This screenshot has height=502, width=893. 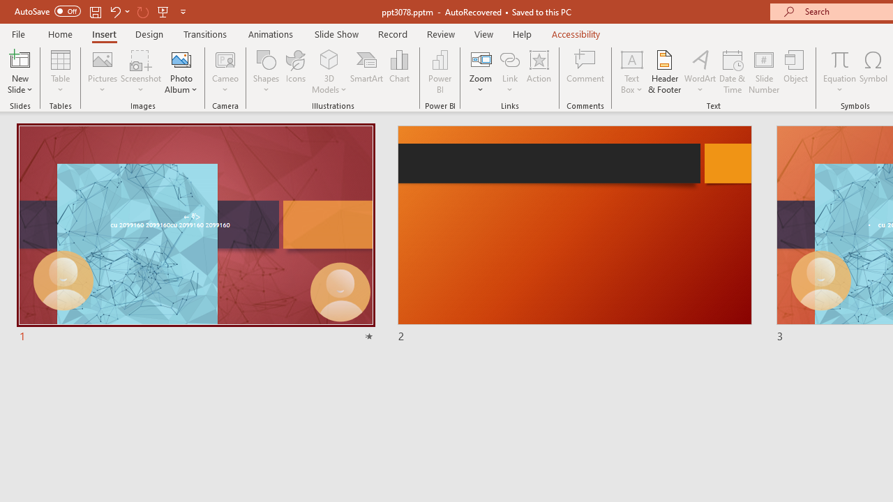 I want to click on 'Equation', so click(x=839, y=72).